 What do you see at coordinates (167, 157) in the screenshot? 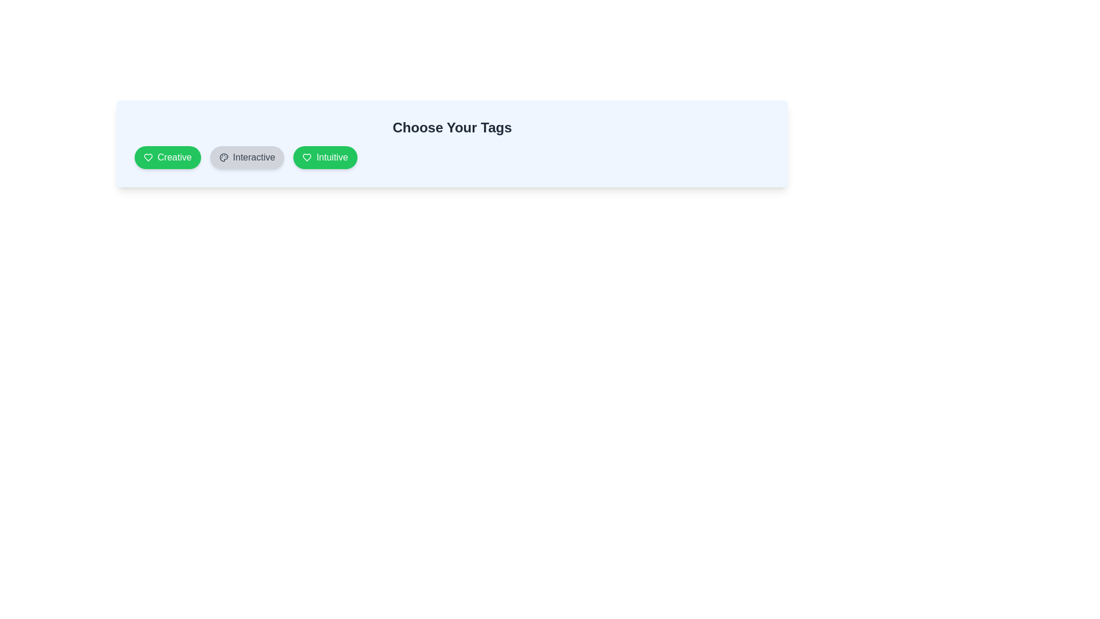
I see `the tag Creative` at bounding box center [167, 157].